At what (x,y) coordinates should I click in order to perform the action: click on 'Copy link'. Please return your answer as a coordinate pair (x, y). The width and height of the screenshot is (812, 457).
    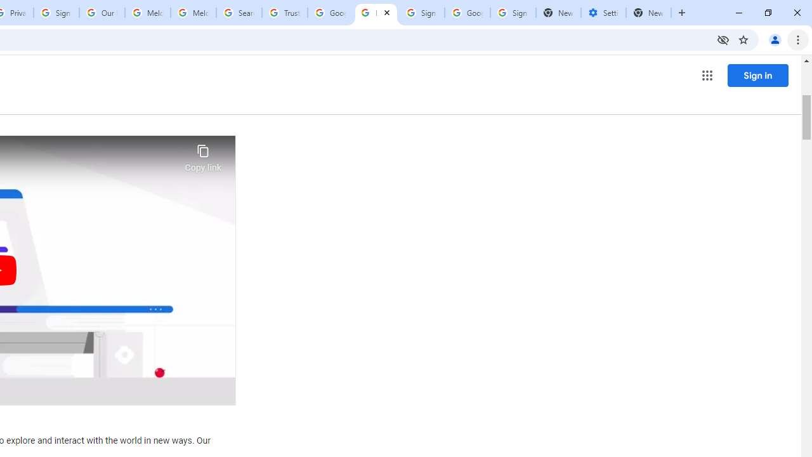
    Looking at the image, I should click on (203, 154).